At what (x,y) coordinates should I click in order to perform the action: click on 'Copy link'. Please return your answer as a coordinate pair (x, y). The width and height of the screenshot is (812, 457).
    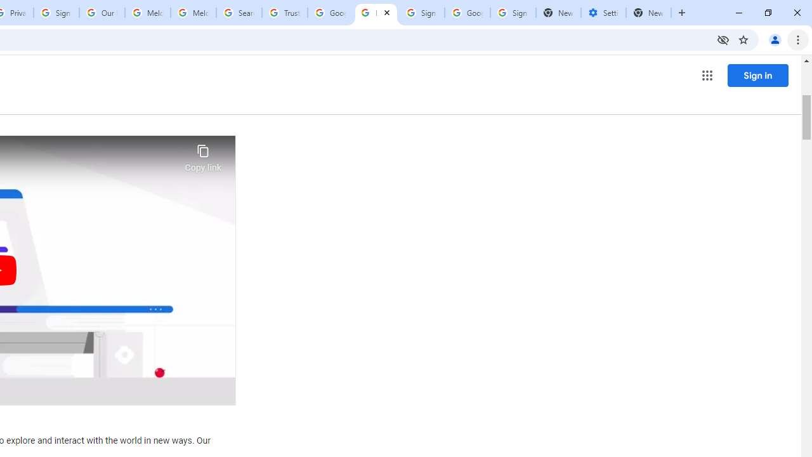
    Looking at the image, I should click on (203, 154).